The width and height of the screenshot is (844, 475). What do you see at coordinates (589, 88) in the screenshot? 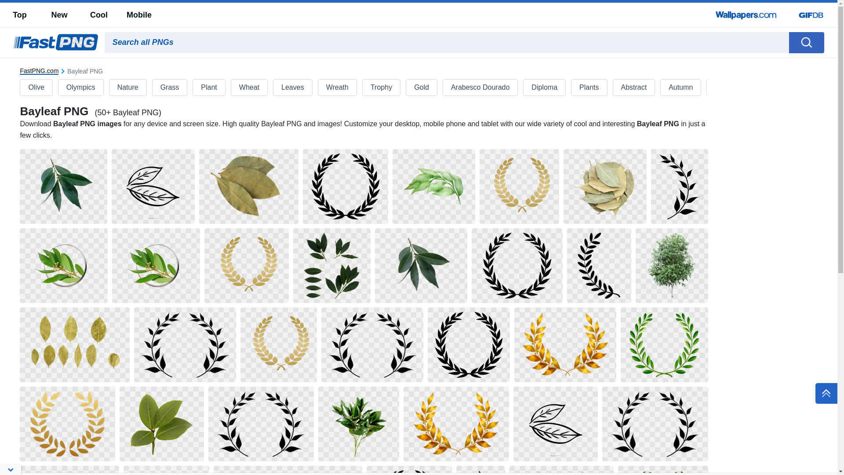
I see `'Plants'` at bounding box center [589, 88].